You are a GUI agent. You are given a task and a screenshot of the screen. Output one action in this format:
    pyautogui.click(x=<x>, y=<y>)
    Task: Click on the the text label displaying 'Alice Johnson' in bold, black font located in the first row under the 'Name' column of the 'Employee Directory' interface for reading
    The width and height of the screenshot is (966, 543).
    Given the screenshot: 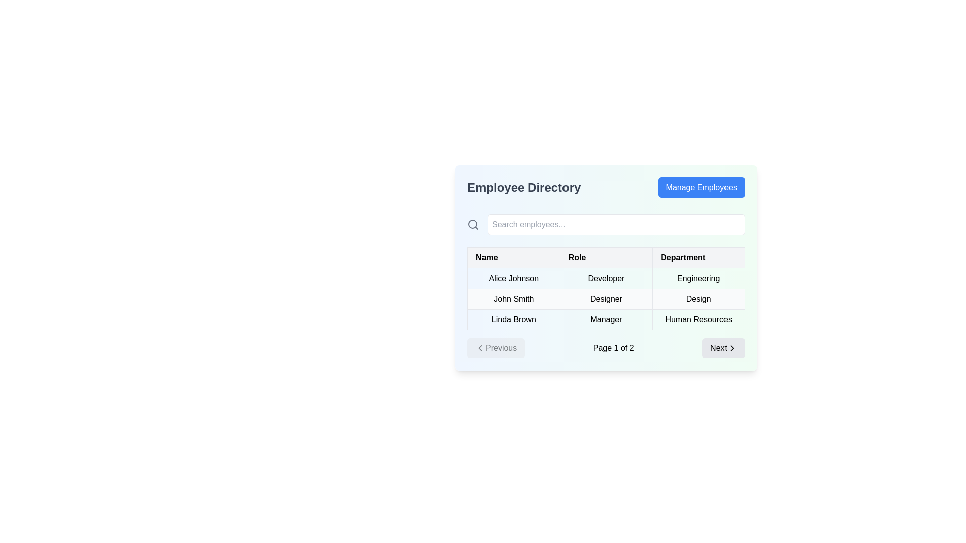 What is the action you would take?
    pyautogui.click(x=514, y=279)
    